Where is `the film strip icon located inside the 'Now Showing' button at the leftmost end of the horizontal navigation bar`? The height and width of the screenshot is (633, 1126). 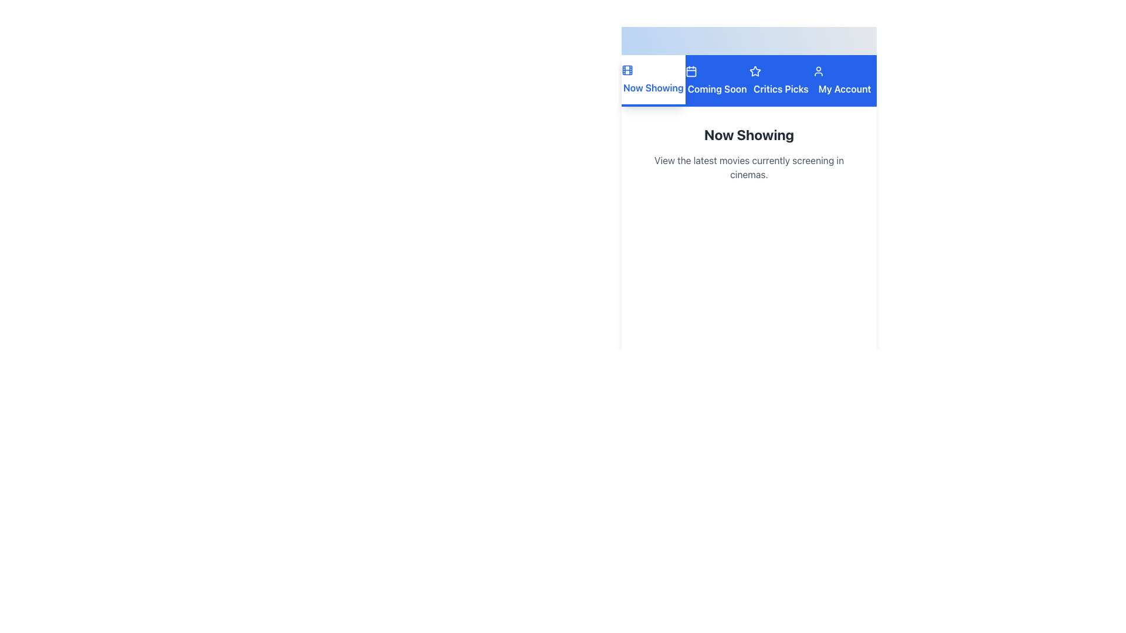
the film strip icon located inside the 'Now Showing' button at the leftmost end of the horizontal navigation bar is located at coordinates (627, 70).